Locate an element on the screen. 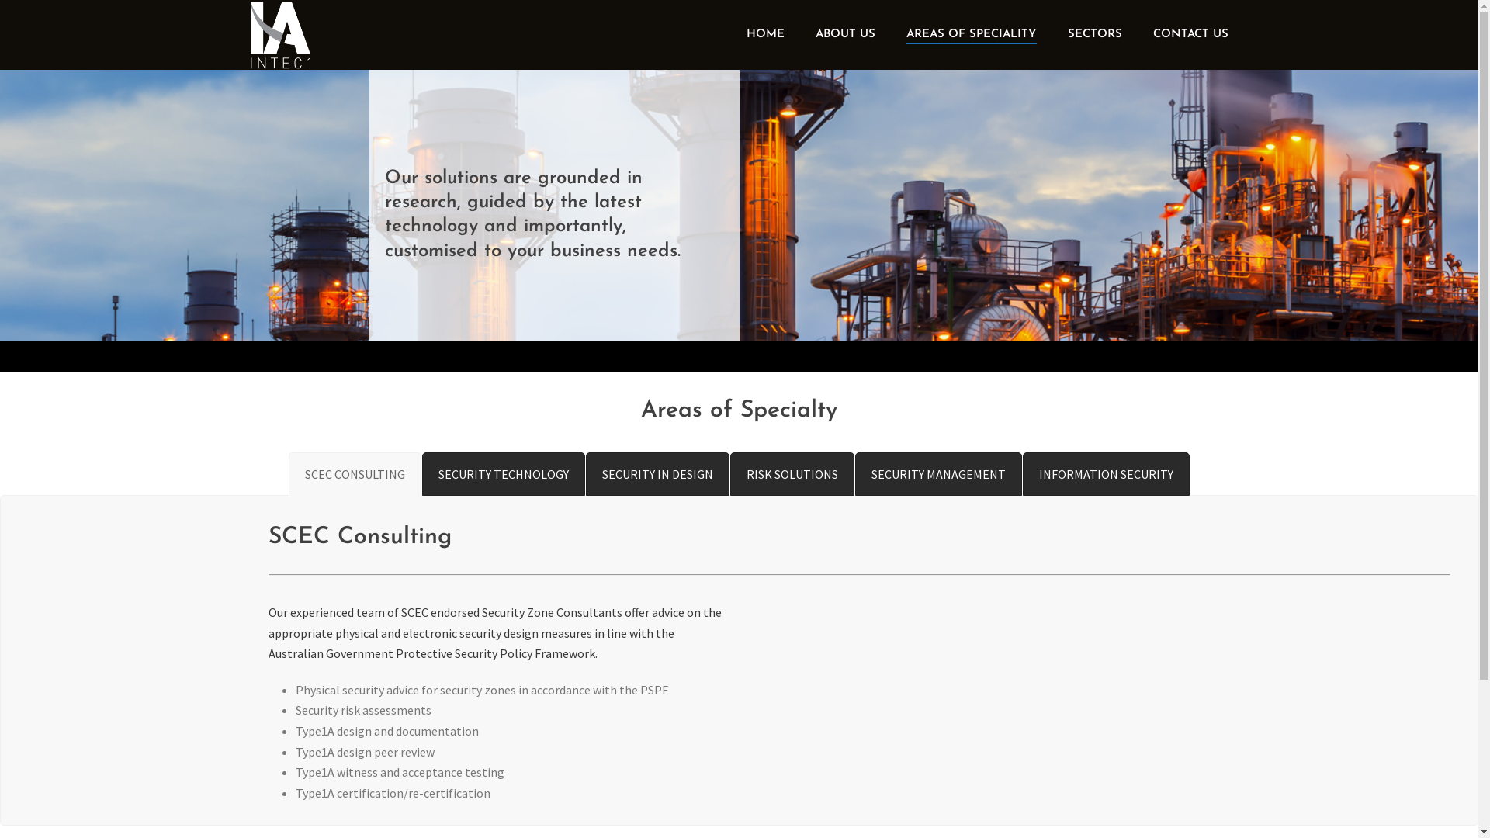 The image size is (1490, 838). 'CONTACT US' is located at coordinates (1190, 35).